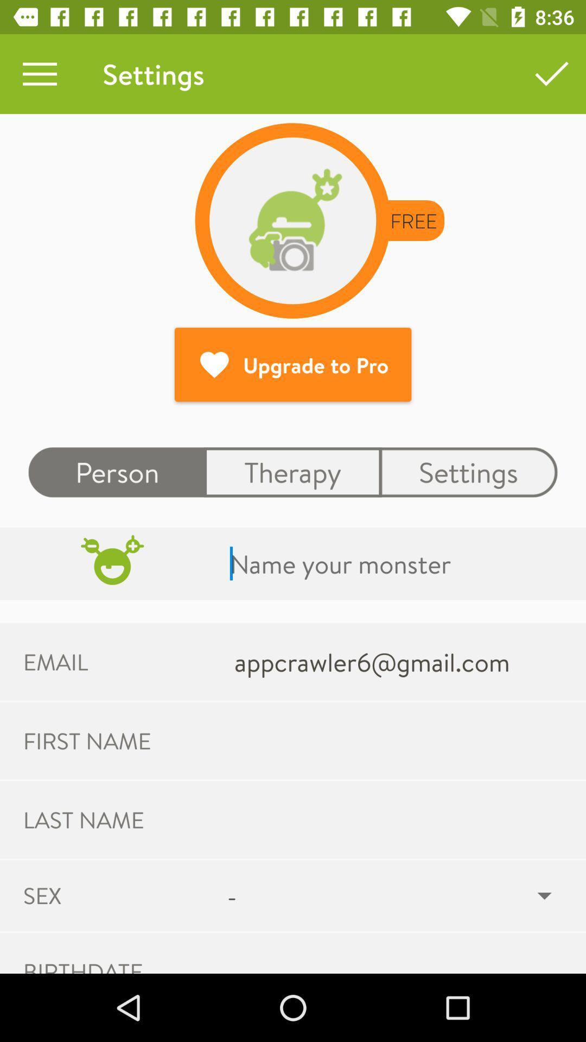  I want to click on last name, so click(397, 819).